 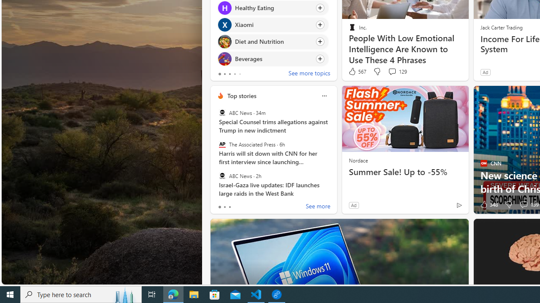 I want to click on 'View comments 129 Comment', so click(x=397, y=71).